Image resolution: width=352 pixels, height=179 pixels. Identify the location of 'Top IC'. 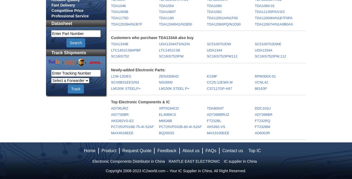
(255, 151).